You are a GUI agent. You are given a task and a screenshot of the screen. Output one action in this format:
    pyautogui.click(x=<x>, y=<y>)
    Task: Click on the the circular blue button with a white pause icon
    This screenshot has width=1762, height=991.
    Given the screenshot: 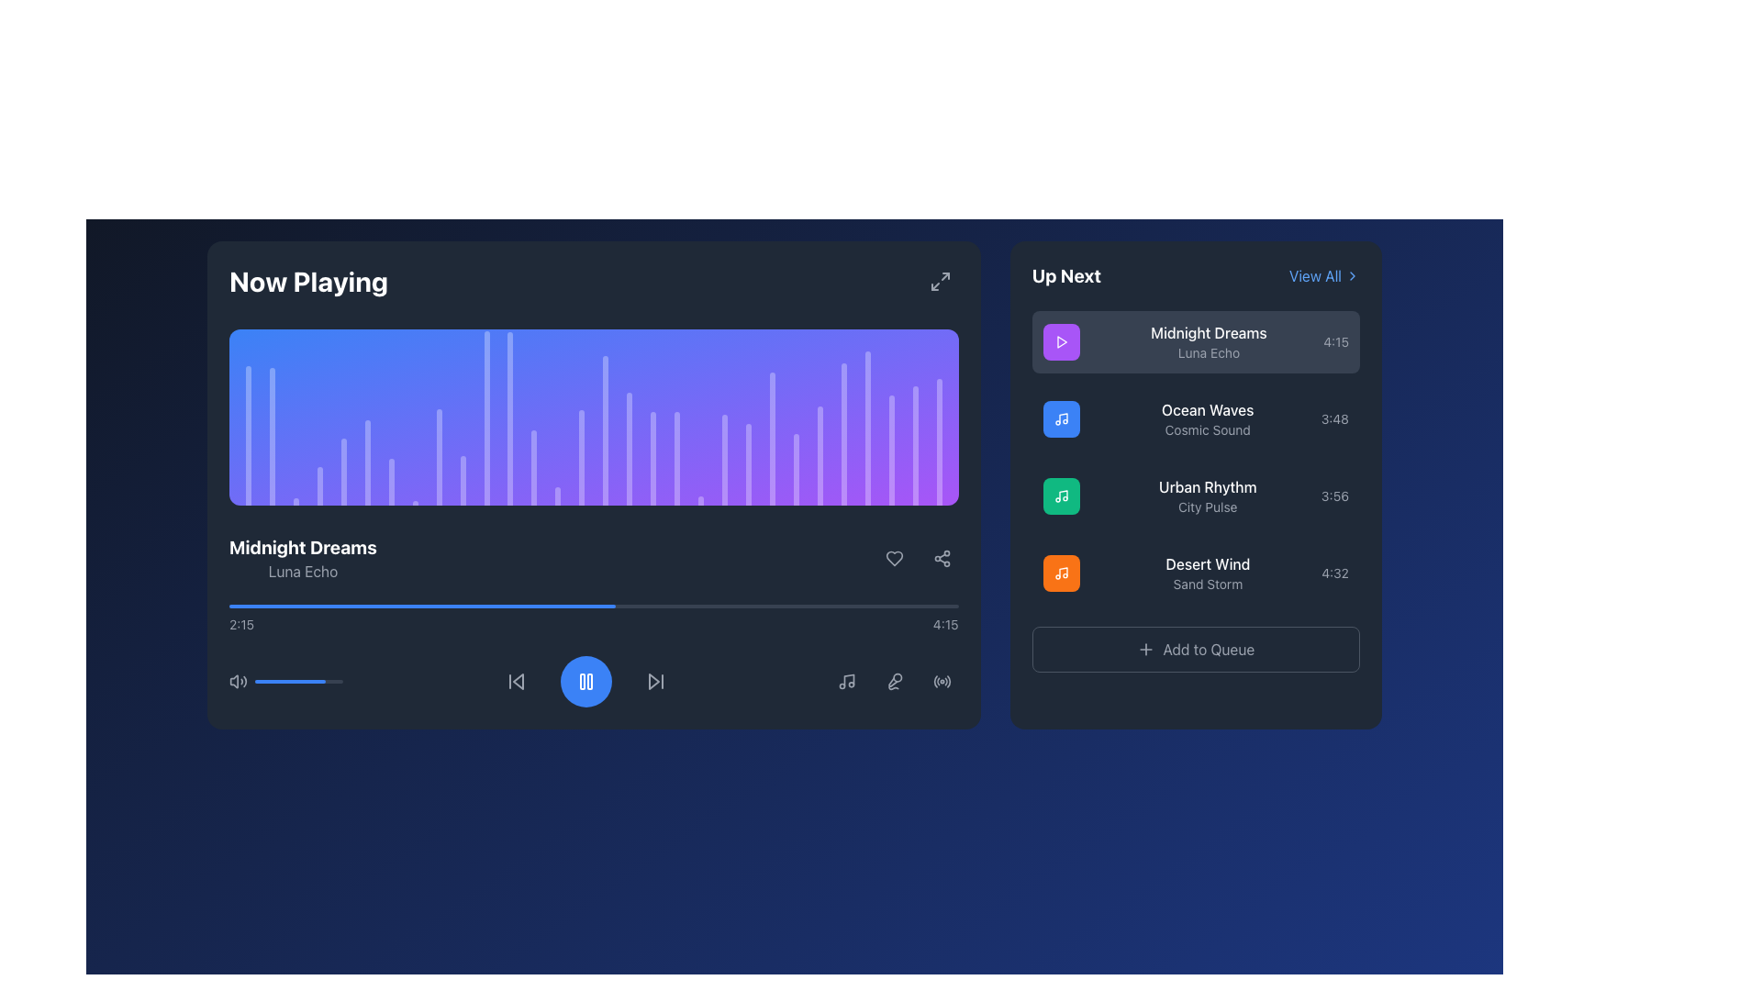 What is the action you would take?
    pyautogui.click(x=585, y=682)
    